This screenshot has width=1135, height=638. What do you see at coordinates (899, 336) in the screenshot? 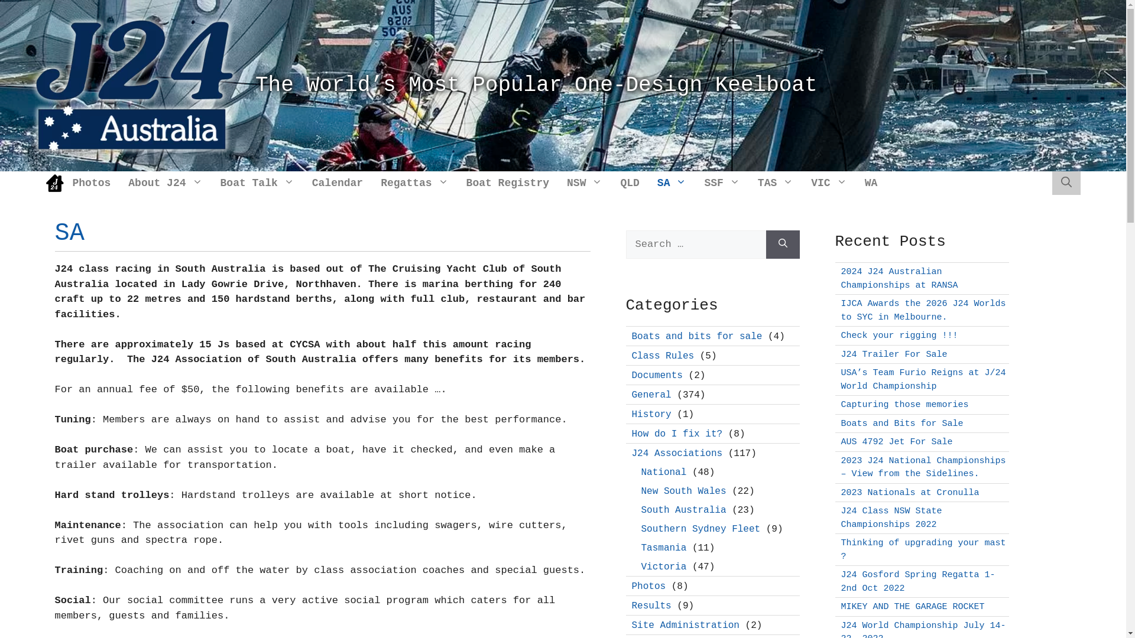
I see `'Check your rigging !!!'` at bounding box center [899, 336].